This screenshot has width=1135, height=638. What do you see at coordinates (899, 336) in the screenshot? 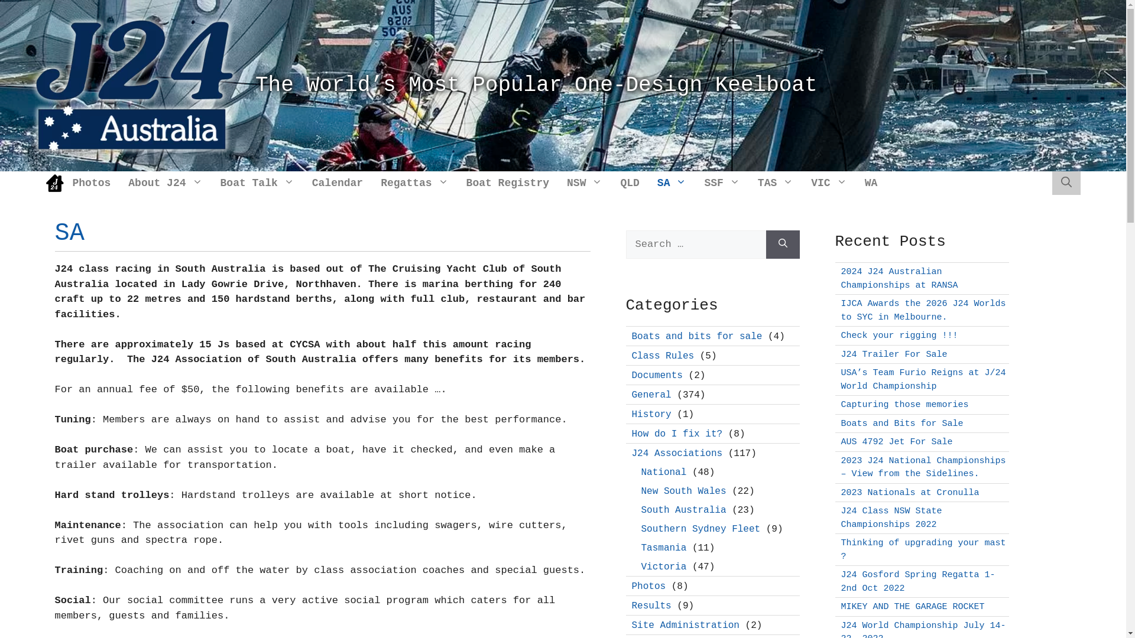
I see `'Check your rigging !!!'` at bounding box center [899, 336].